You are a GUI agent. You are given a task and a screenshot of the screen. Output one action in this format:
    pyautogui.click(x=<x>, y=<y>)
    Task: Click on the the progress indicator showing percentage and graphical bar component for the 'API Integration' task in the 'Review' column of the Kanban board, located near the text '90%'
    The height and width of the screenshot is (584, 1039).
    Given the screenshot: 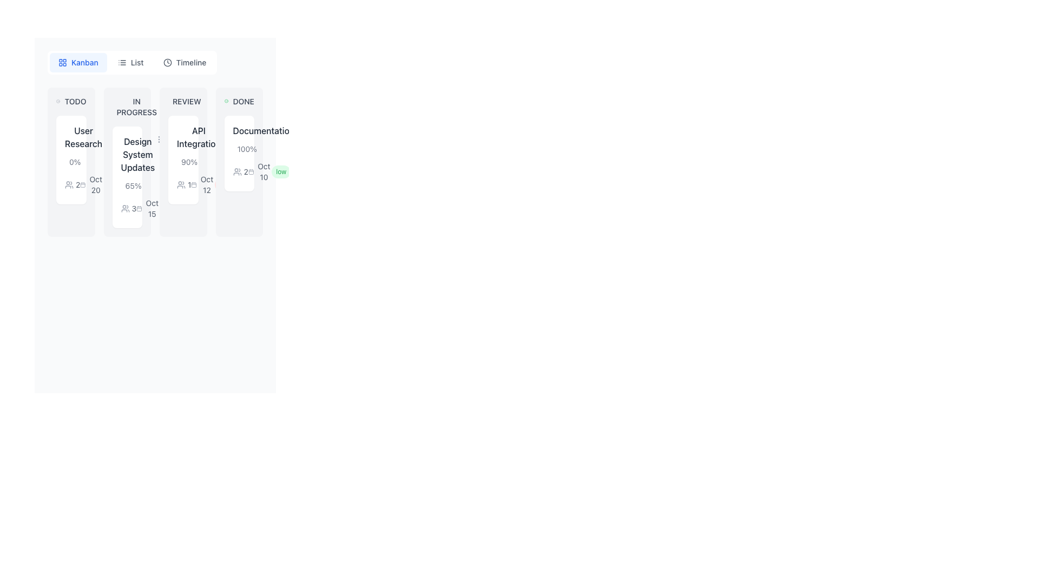 What is the action you would take?
    pyautogui.click(x=183, y=162)
    